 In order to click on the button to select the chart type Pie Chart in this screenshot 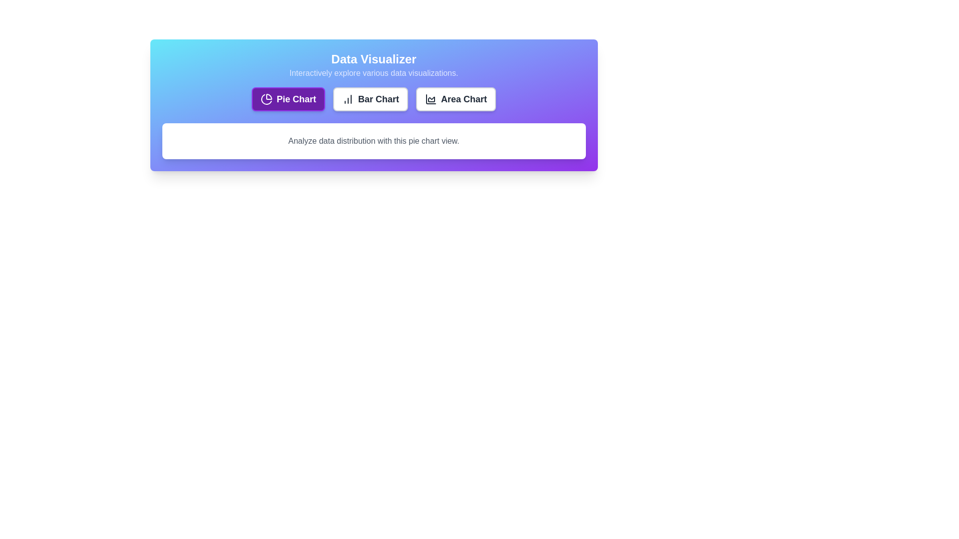, I will do `click(287, 99)`.